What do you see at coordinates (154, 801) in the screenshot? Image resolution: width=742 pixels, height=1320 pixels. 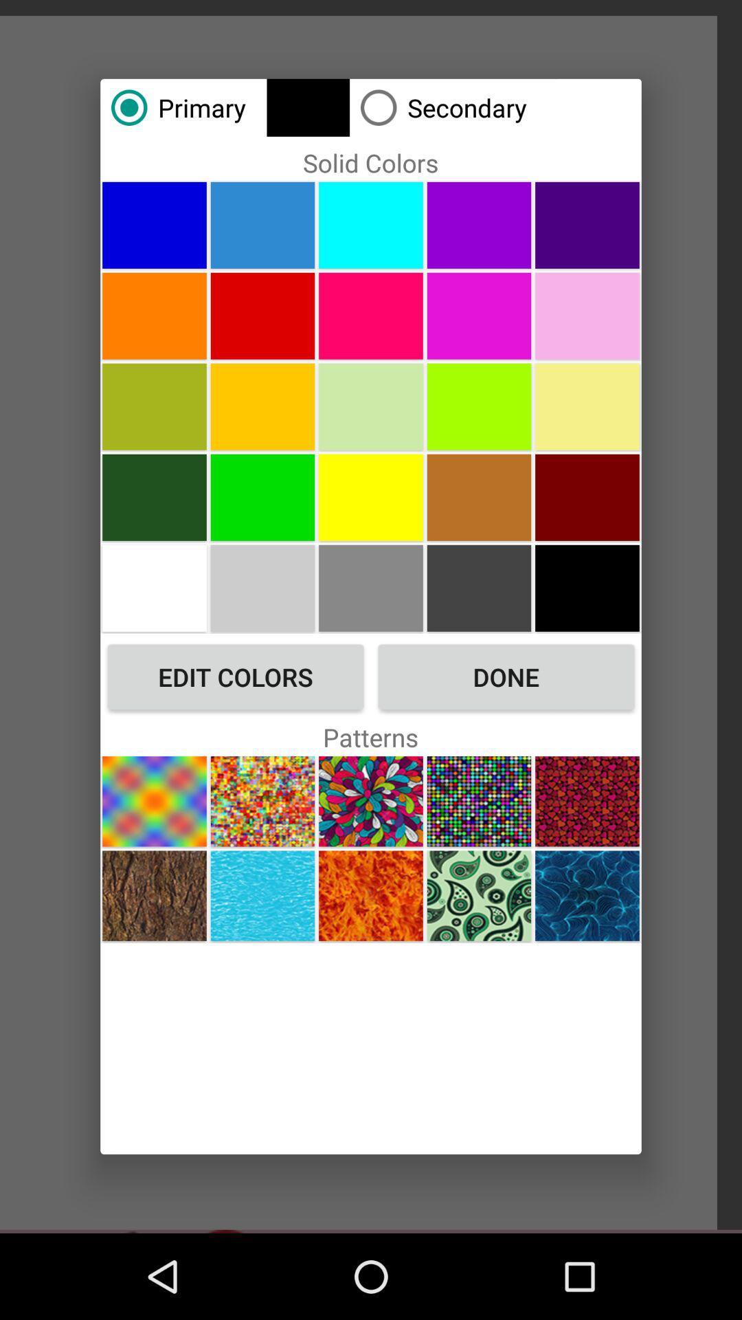 I see `first pattern` at bounding box center [154, 801].